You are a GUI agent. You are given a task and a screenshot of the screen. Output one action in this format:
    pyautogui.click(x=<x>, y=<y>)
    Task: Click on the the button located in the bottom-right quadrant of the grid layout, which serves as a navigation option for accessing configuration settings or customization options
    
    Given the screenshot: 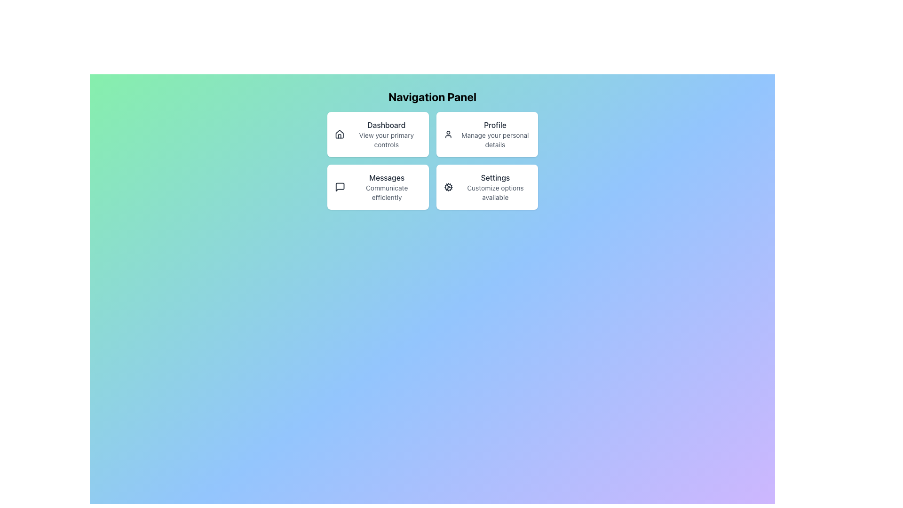 What is the action you would take?
    pyautogui.click(x=487, y=187)
    